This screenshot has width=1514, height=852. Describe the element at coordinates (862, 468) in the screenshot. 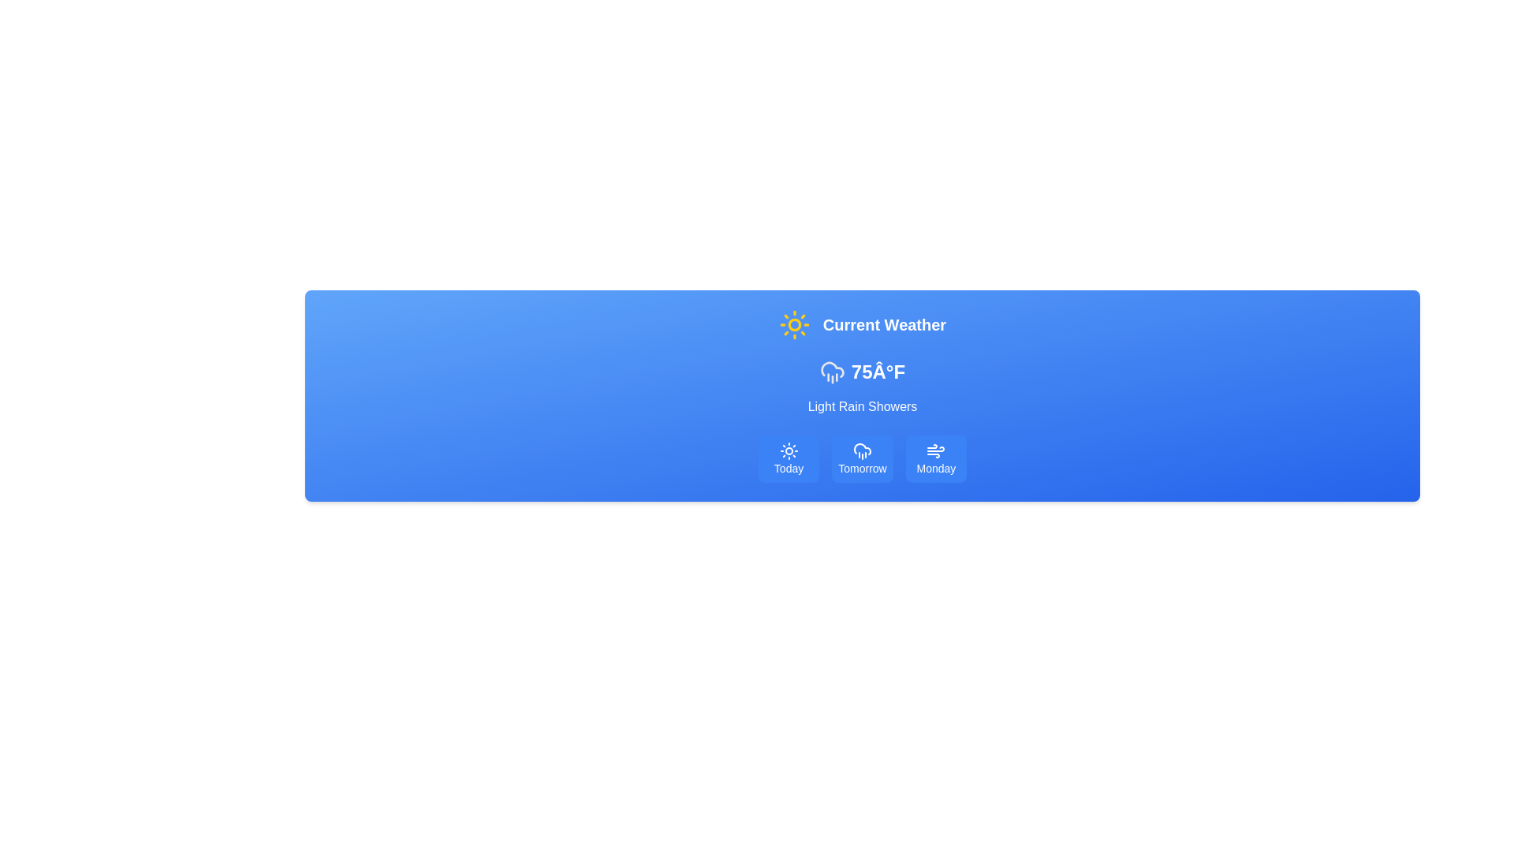

I see `the text label reading 'Tomorrow' which is styled with a smaller font size and medium weight, located at the bottom-center of a card-like layout with a blue background` at that location.